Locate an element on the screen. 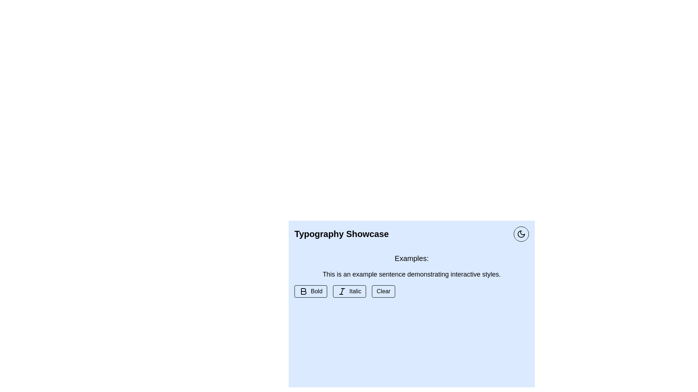  the clearing function button located to the right of the 'Italic' button for visual feedback is located at coordinates (383, 291).